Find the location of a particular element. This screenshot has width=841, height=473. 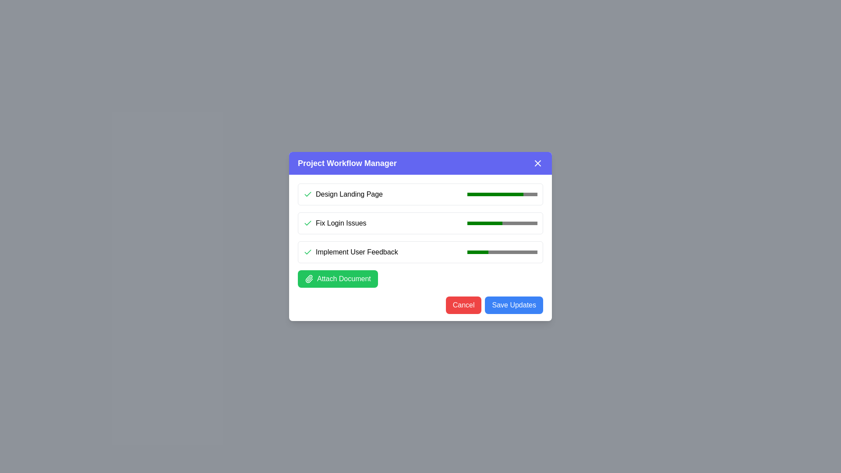

the text label displaying 'Implement User Feedback', which is the third item in a vertical list of tasks, located to the right of a green checkmark icon and to the left of a progress bar is located at coordinates (357, 252).